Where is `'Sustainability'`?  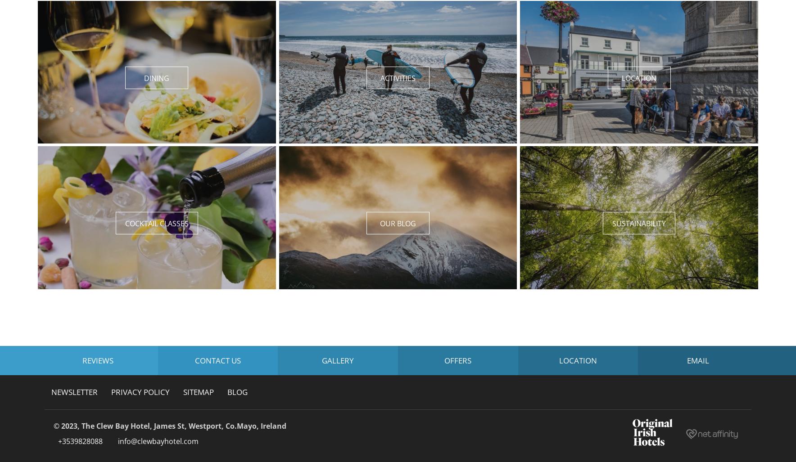 'Sustainability' is located at coordinates (638, 223).